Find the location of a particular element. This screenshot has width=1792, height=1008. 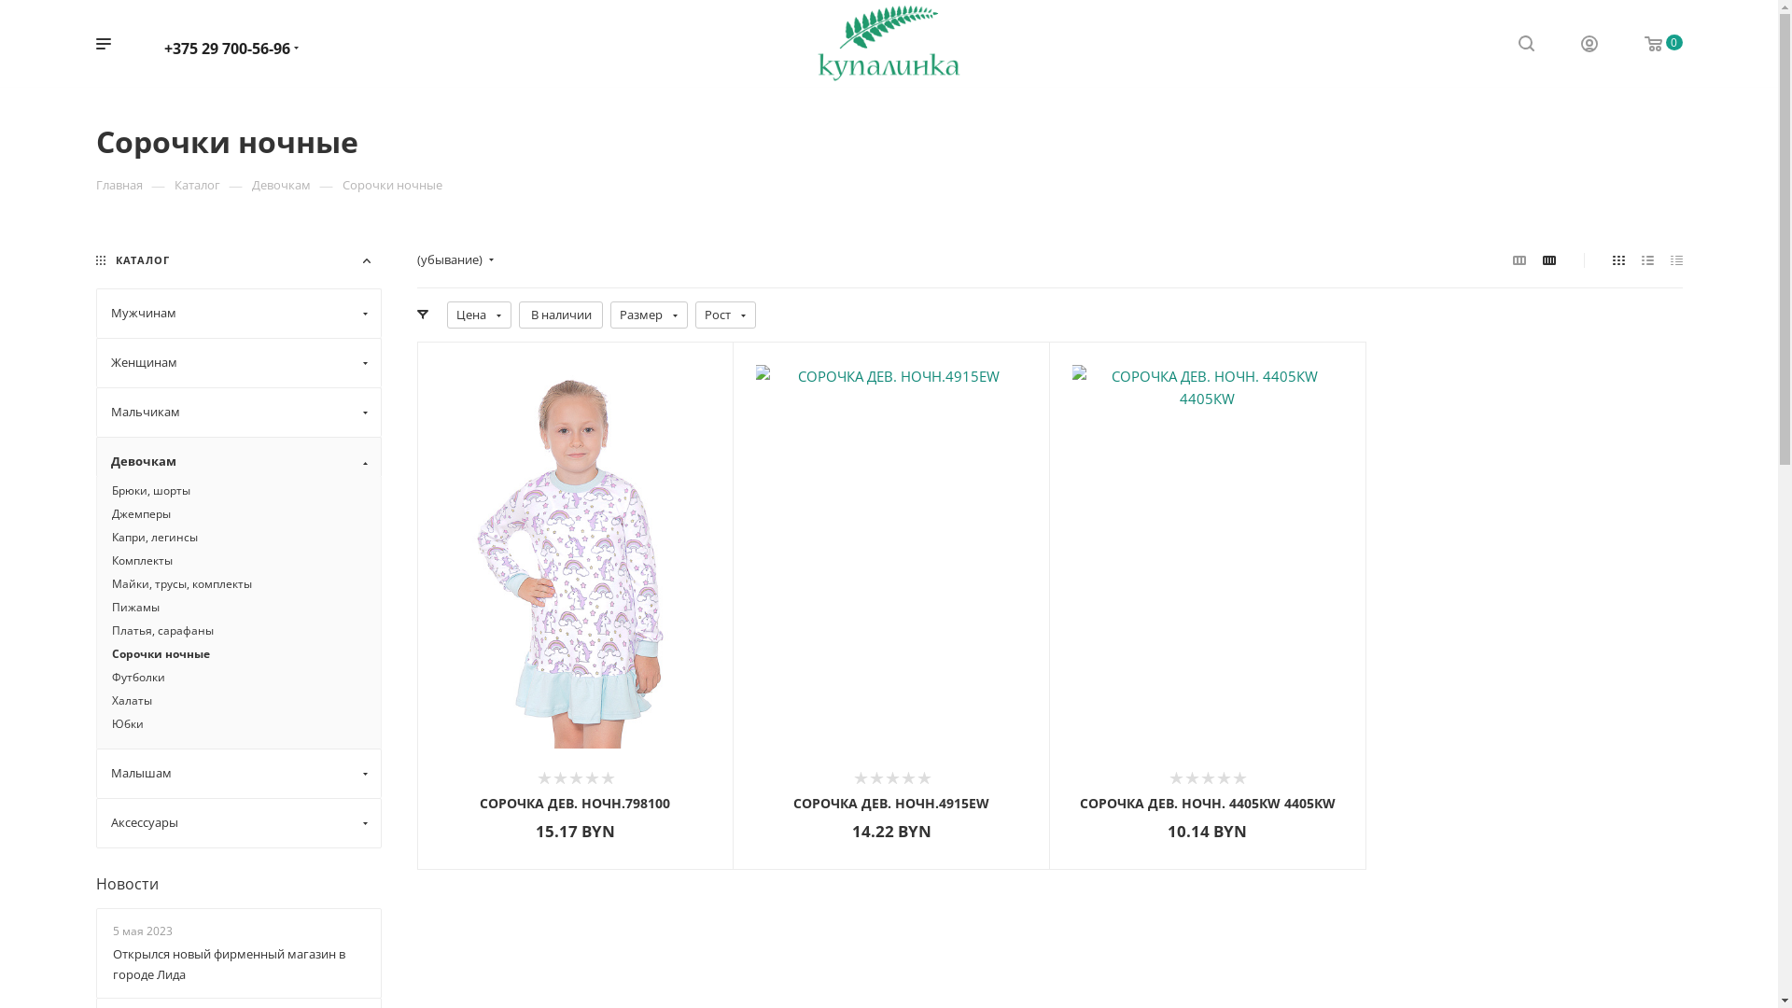

'+375 29 700-56-96' is located at coordinates (226, 46).